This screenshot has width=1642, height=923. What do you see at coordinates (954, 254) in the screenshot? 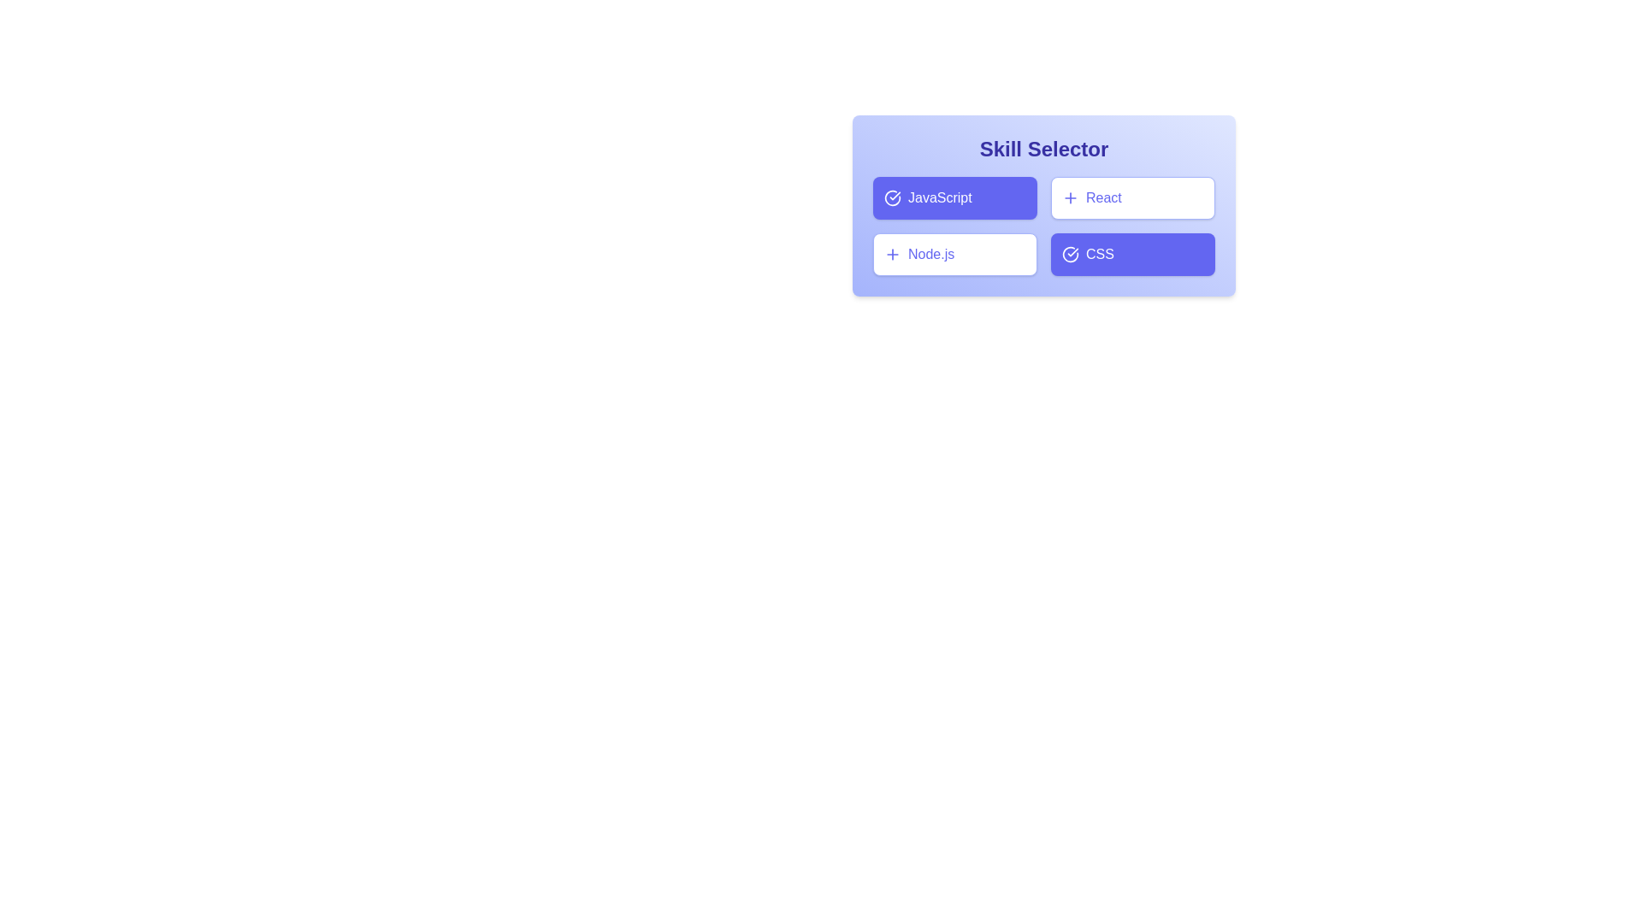
I see `the skill Node.js` at bounding box center [954, 254].